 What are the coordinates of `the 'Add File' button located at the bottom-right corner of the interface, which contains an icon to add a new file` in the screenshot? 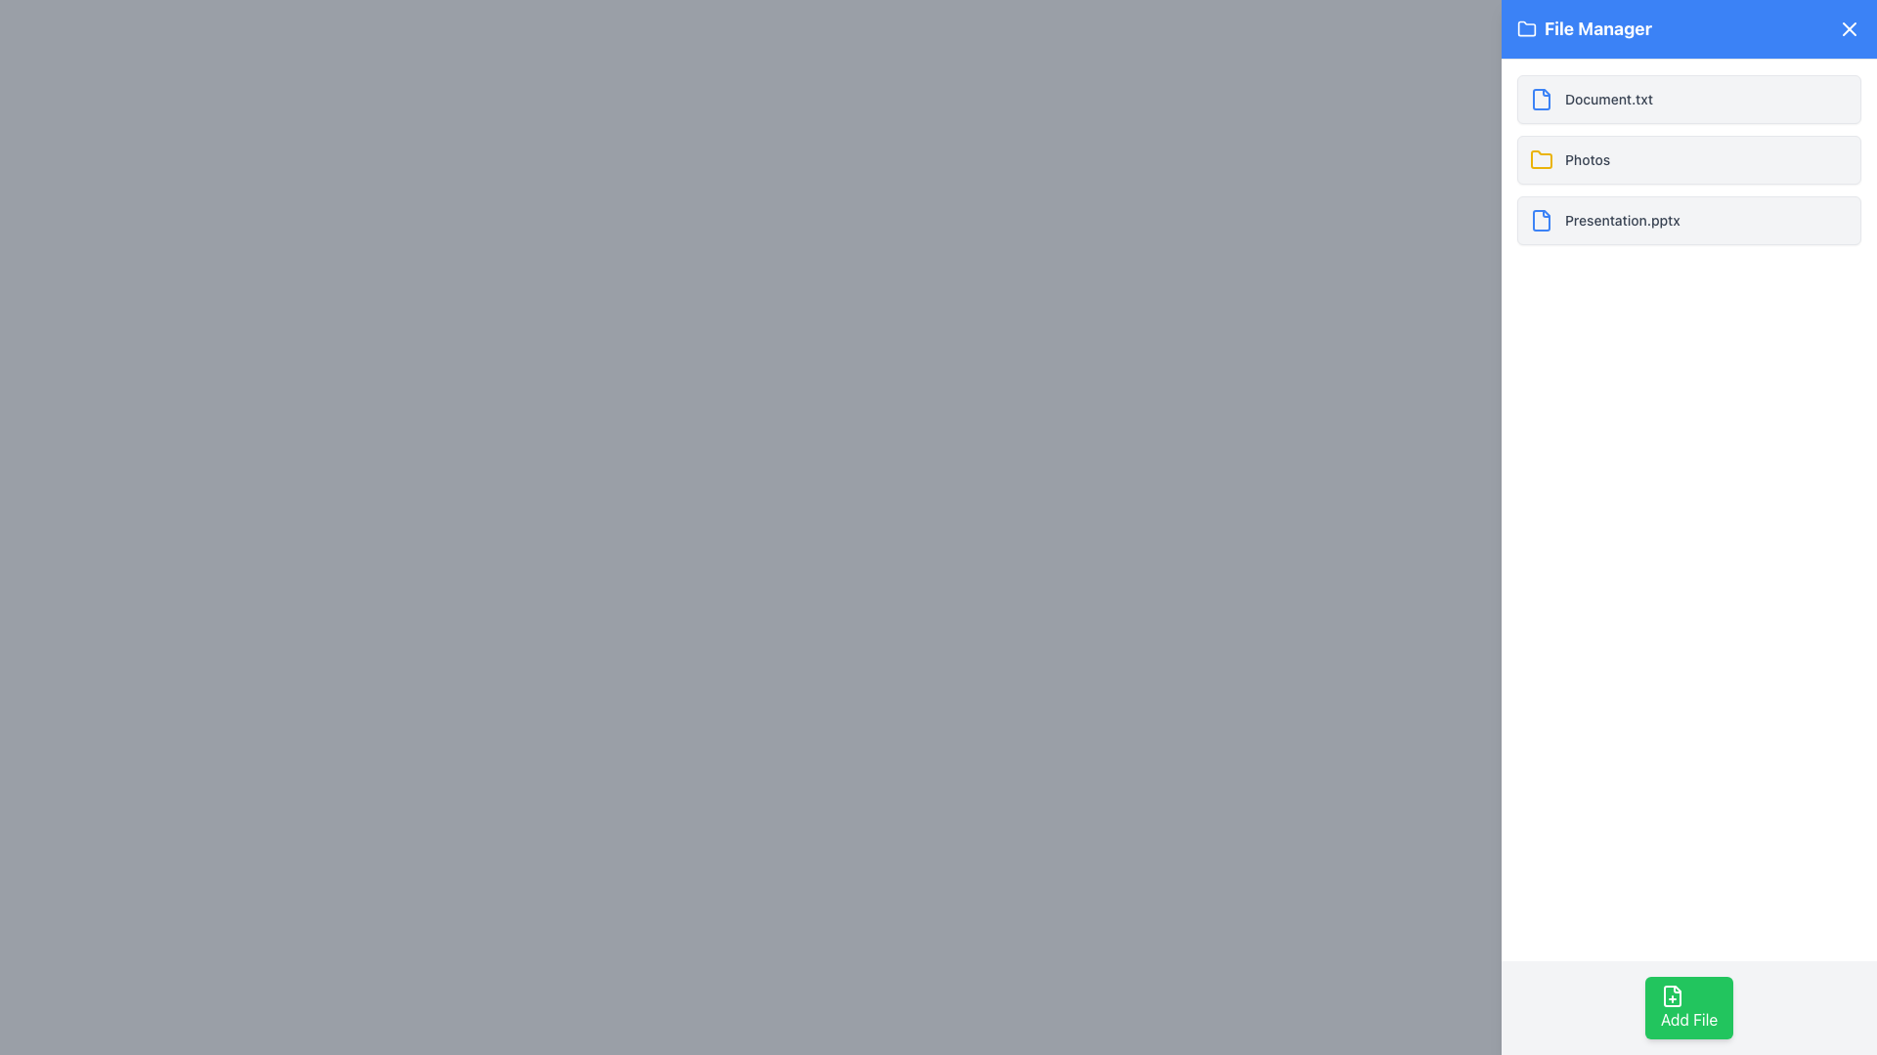 It's located at (1671, 995).